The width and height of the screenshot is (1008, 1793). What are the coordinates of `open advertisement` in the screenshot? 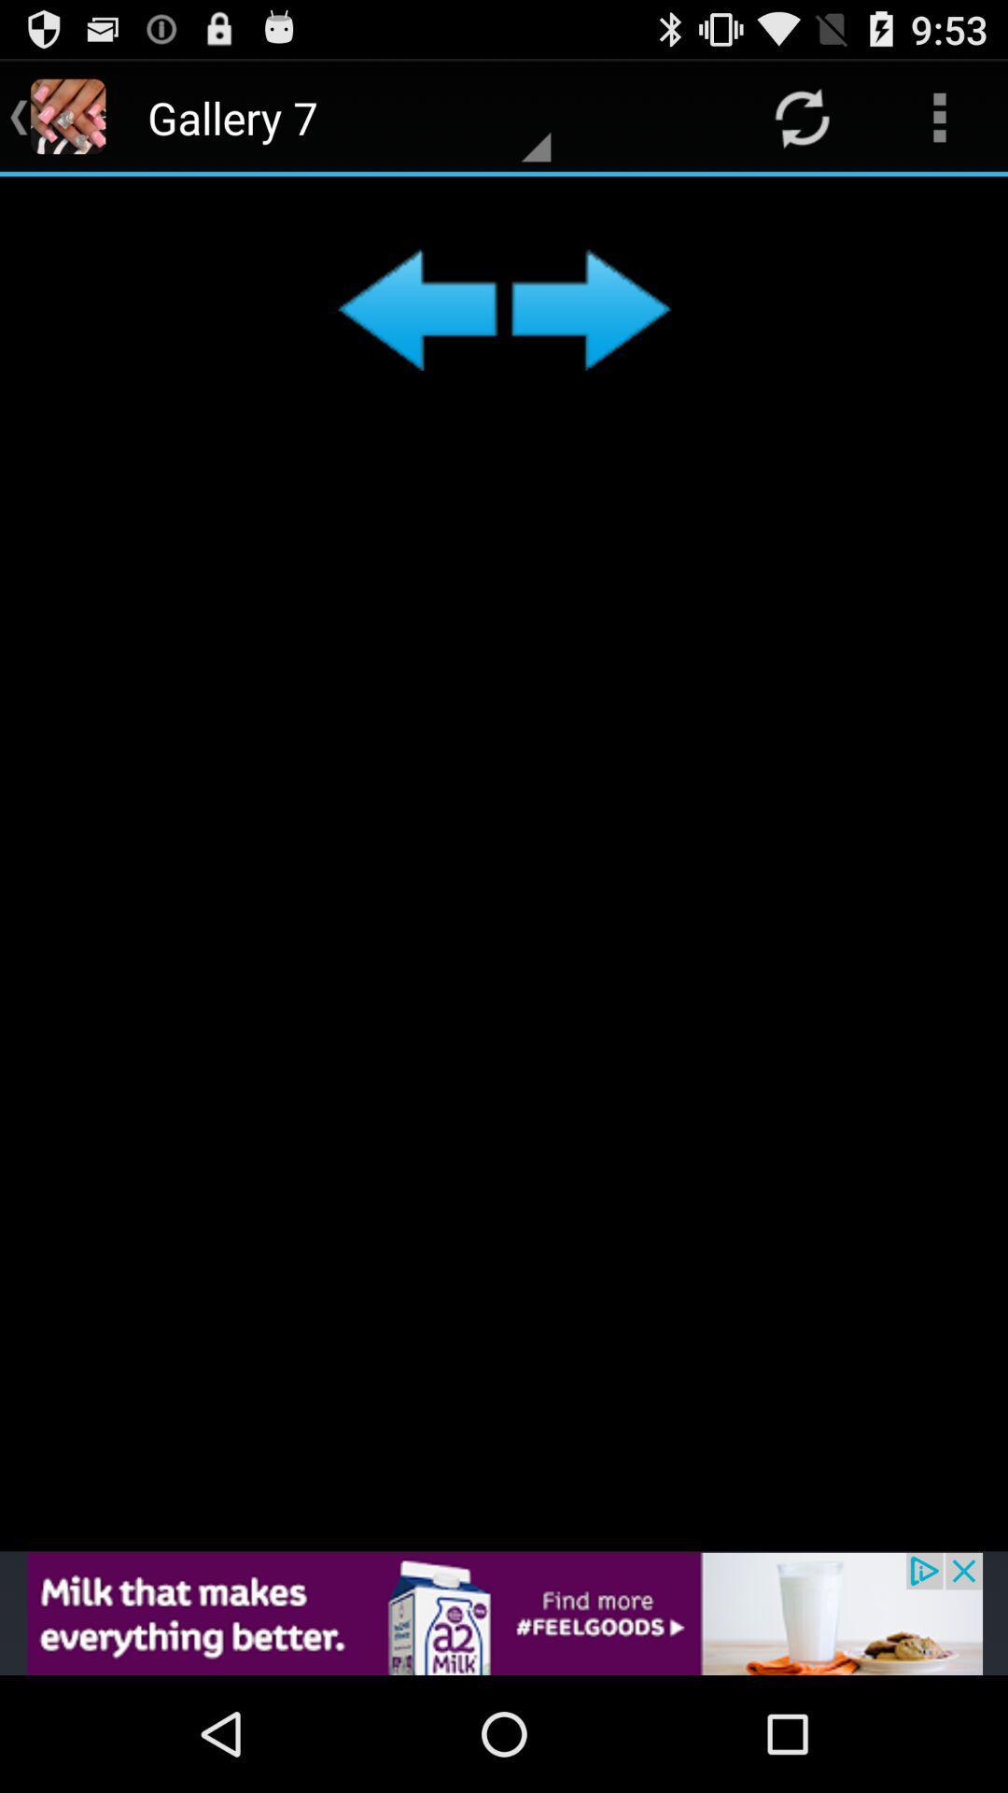 It's located at (504, 1613).